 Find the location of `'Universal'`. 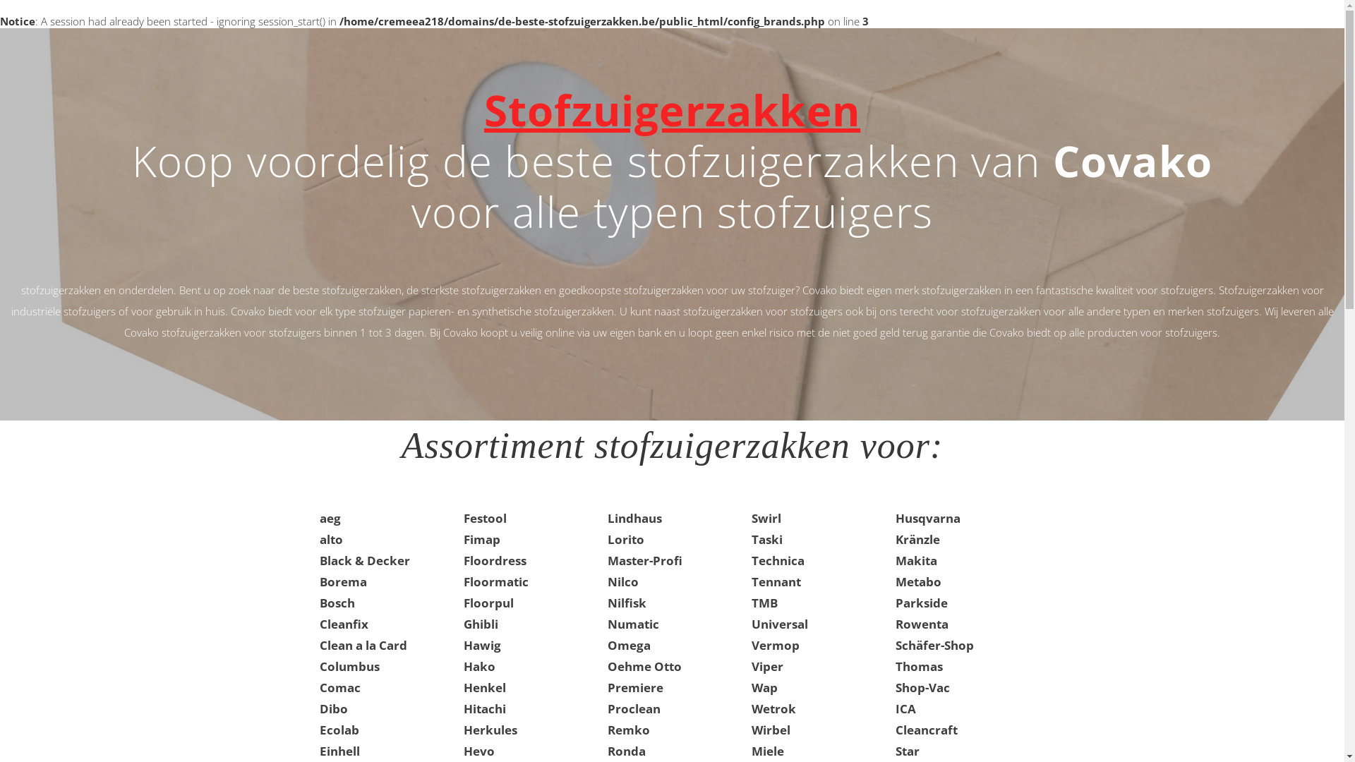

'Universal' is located at coordinates (750, 623).